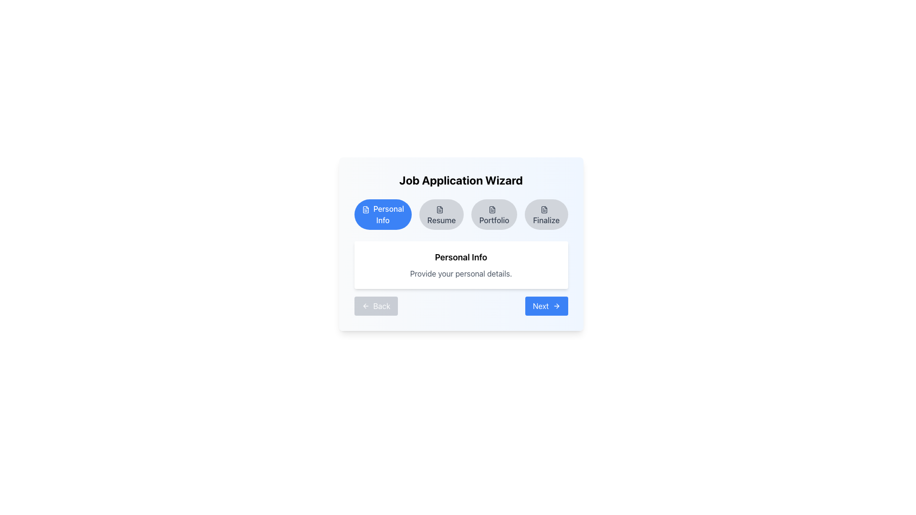 The height and width of the screenshot is (515, 916). Describe the element at coordinates (546, 215) in the screenshot. I see `the 'Finalize' button, which is the fourth button in a row of similar buttons, positioned horizontally in the center near the top of the interface` at that location.